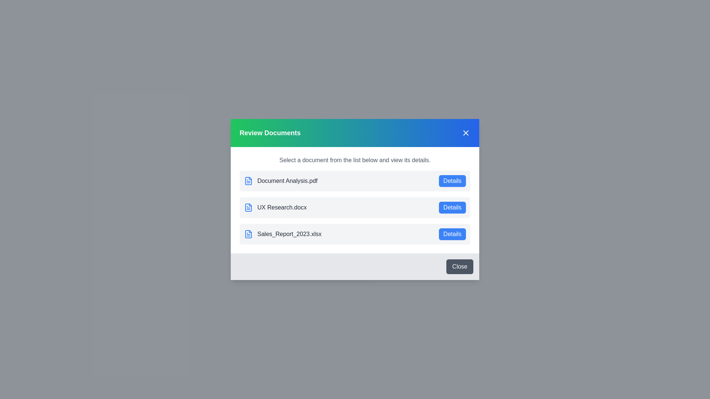 The width and height of the screenshot is (710, 399). Describe the element at coordinates (452, 234) in the screenshot. I see `the details button for Sales_Report_2023.xlsx to view its details` at that location.